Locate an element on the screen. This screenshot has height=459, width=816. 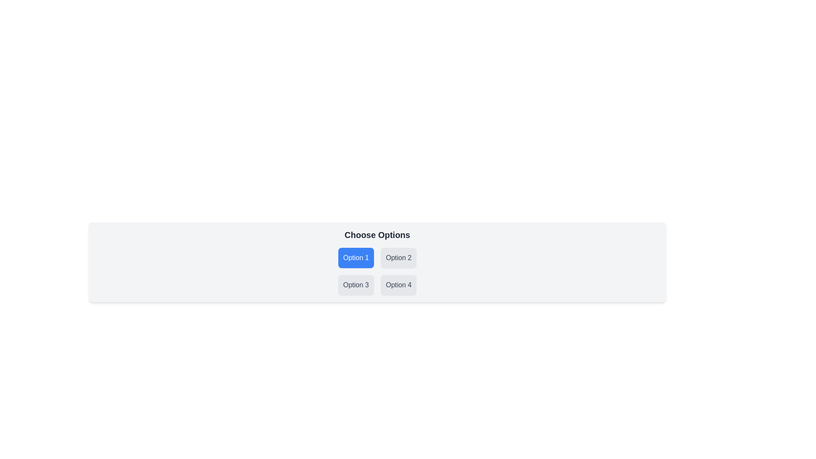
the button that represents 'Option 2' in the top-right position of a 2x2 grid layout is located at coordinates (398, 257).